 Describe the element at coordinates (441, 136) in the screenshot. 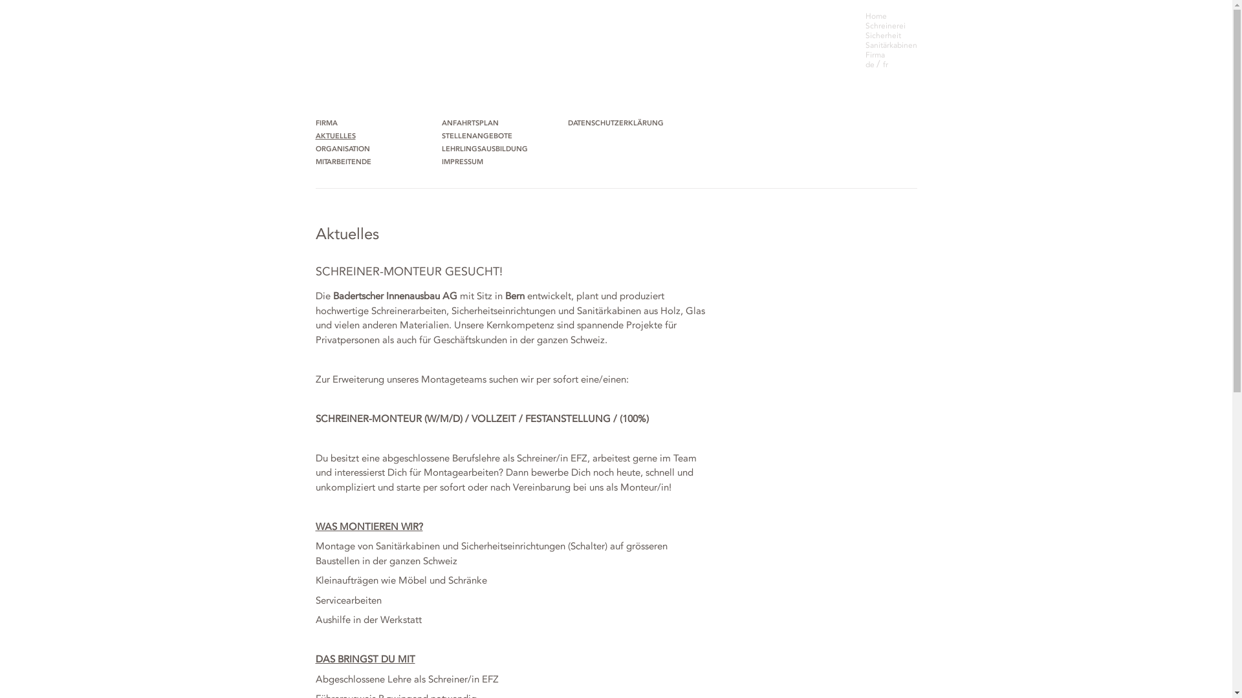

I see `'STELLENANGEBOTE'` at that location.